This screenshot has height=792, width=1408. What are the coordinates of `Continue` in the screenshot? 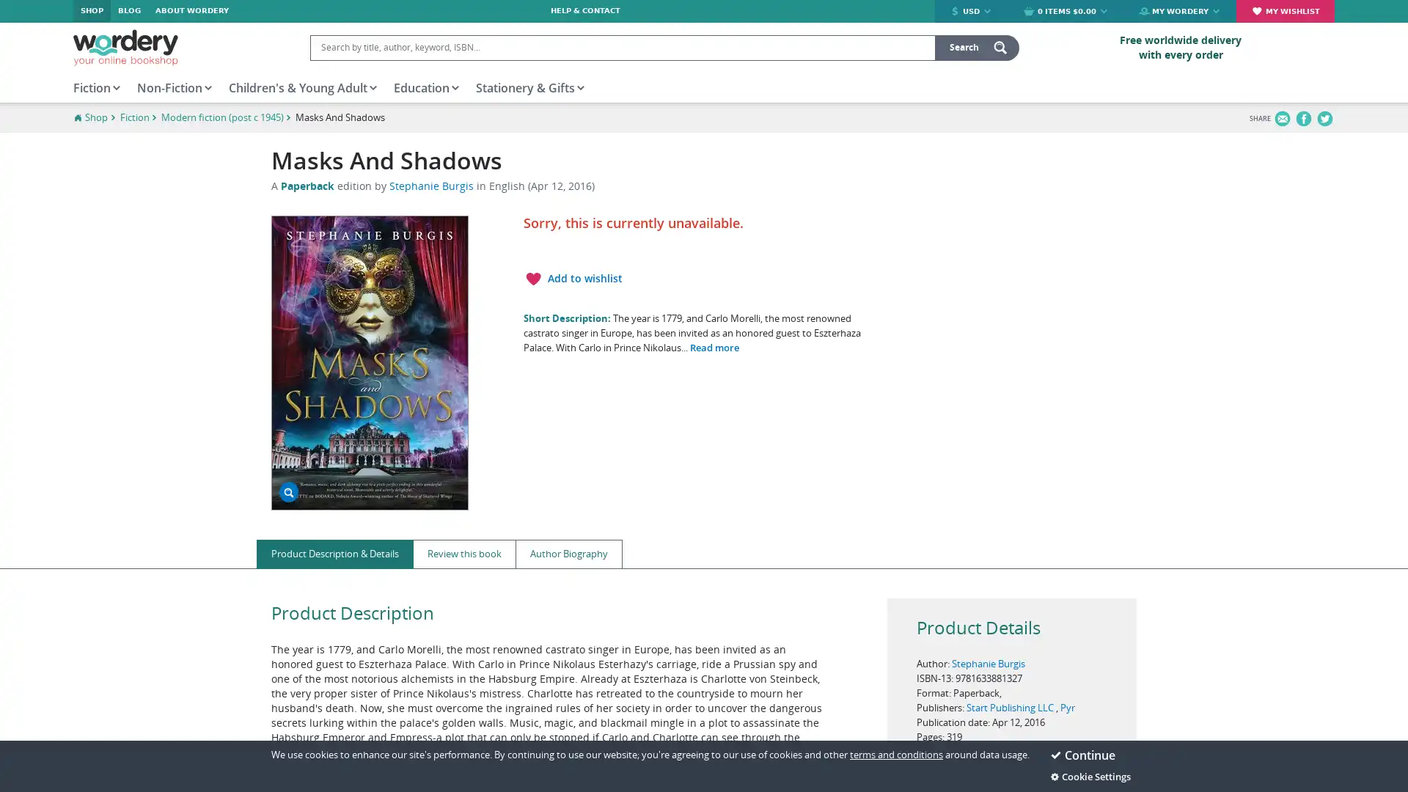 It's located at (1093, 755).